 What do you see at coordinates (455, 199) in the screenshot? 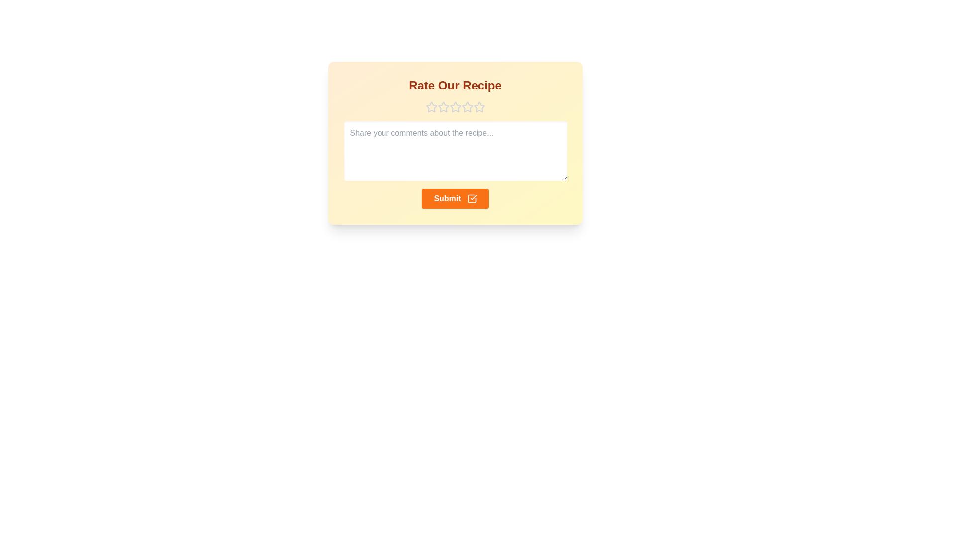
I see `the submit button` at bounding box center [455, 199].